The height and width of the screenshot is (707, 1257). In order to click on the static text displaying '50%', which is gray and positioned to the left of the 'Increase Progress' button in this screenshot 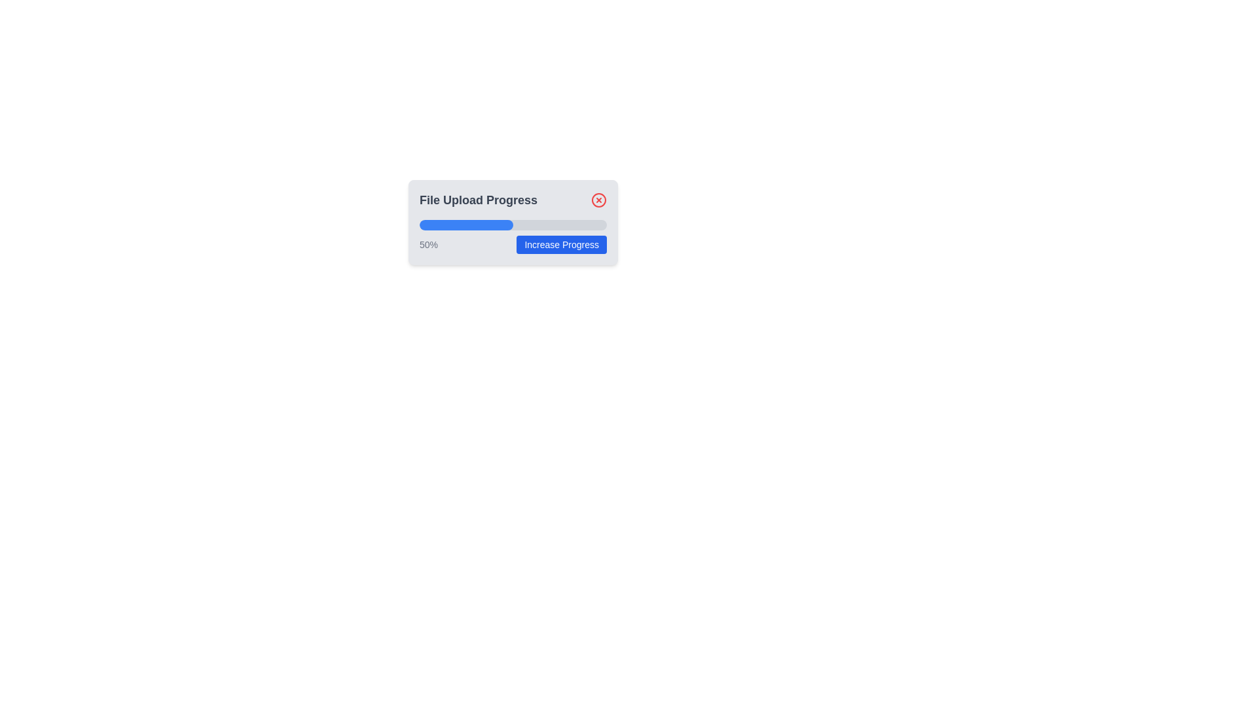, I will do `click(429, 245)`.